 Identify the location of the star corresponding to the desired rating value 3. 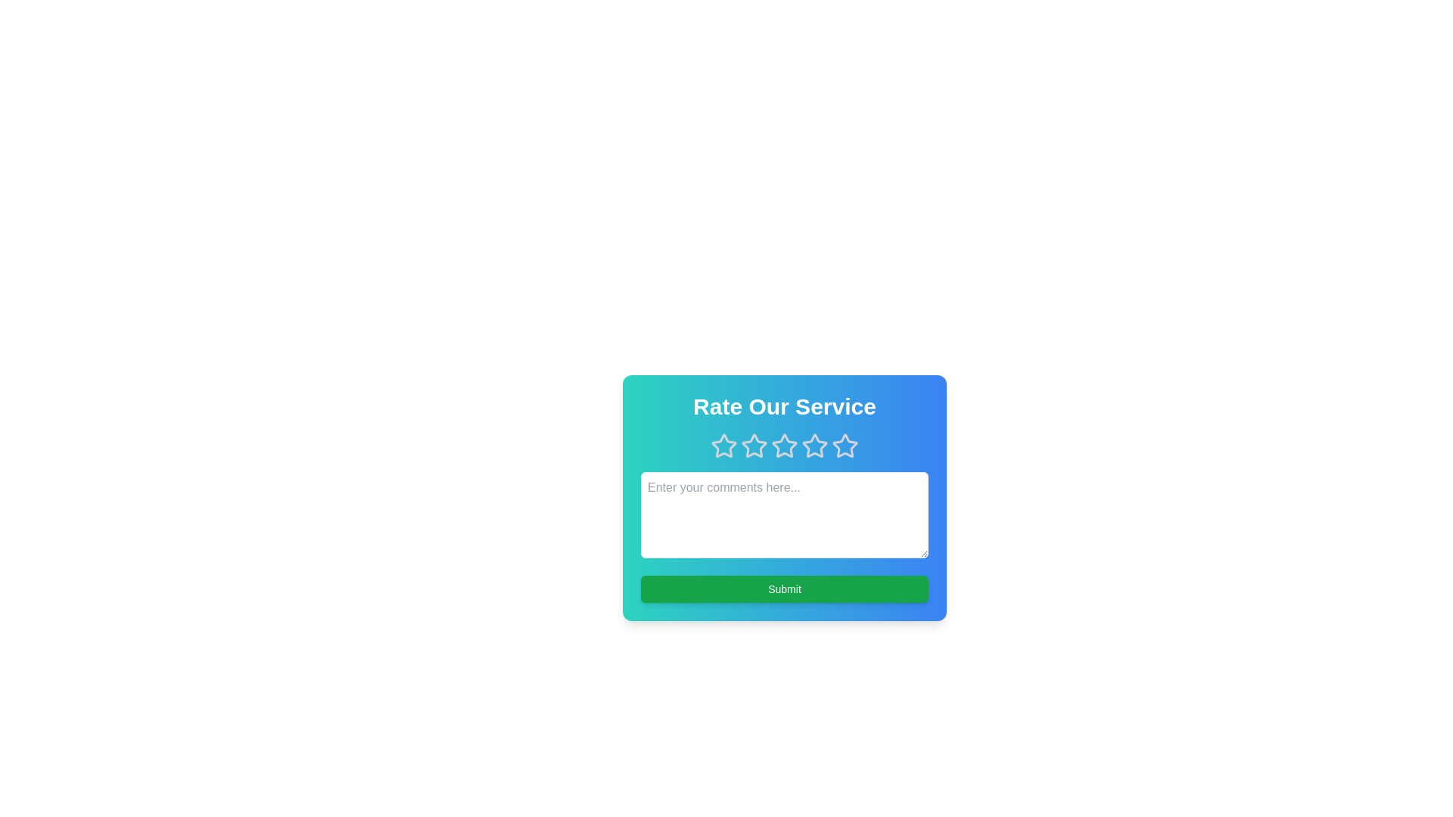
(784, 446).